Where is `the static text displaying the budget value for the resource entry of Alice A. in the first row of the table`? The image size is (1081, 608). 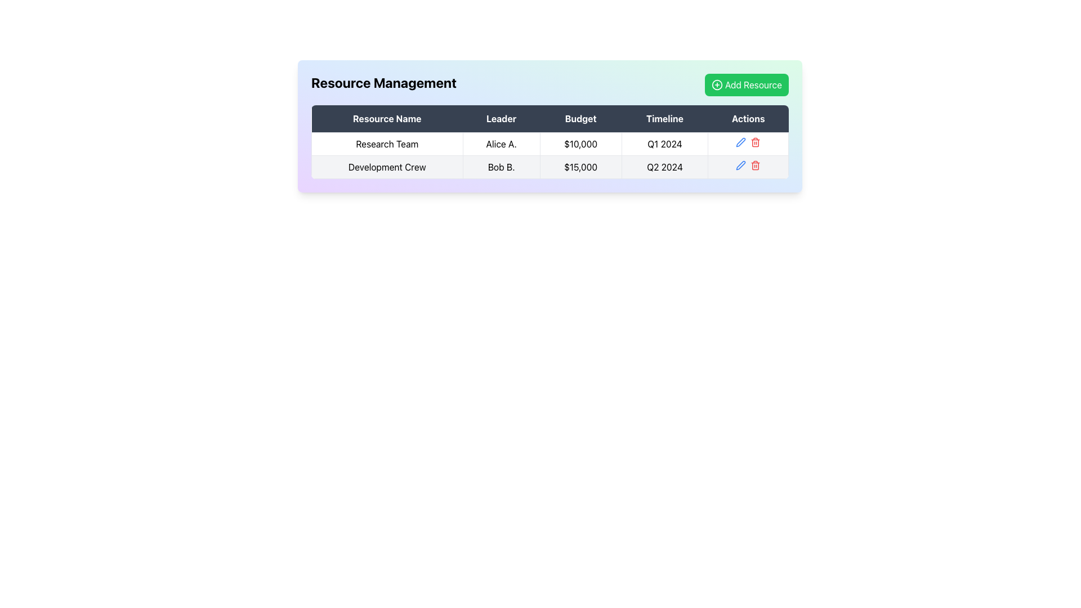
the static text displaying the budget value for the resource entry of Alice A. in the first row of the table is located at coordinates (580, 143).